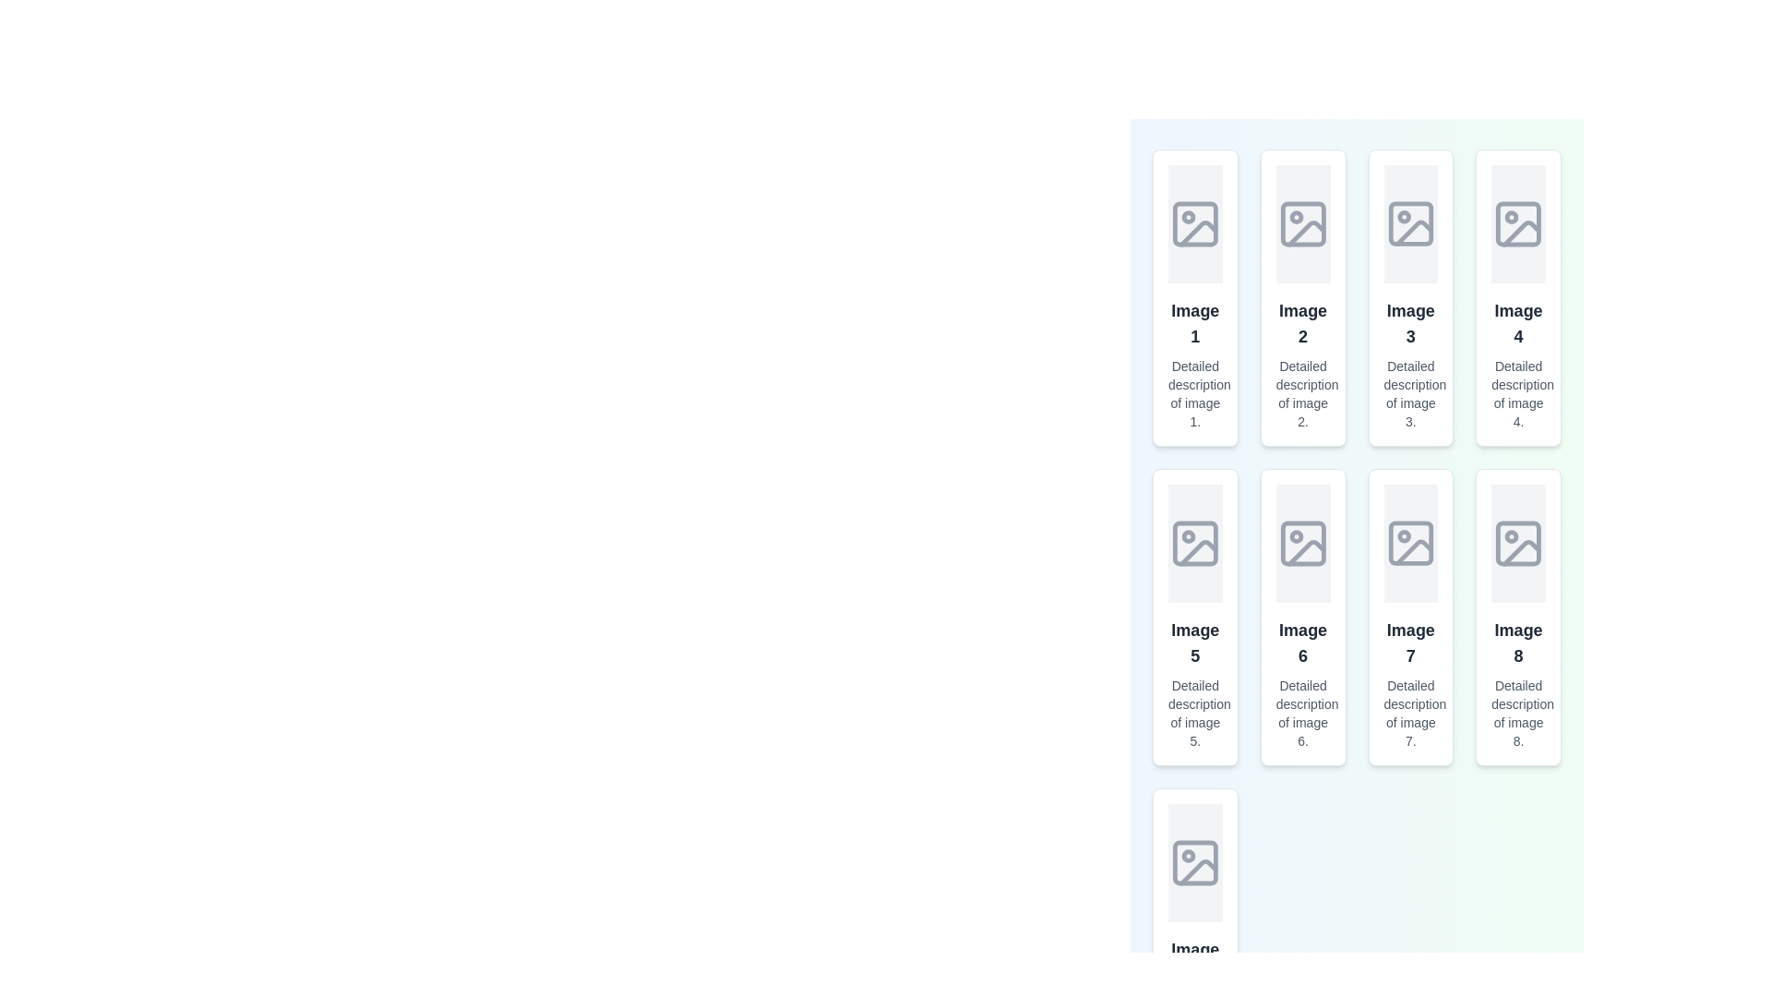  Describe the element at coordinates (1512, 536) in the screenshot. I see `the small circular icon with a gray outline located in the top-left corner of the 'Image 8' section of the image grid` at that location.